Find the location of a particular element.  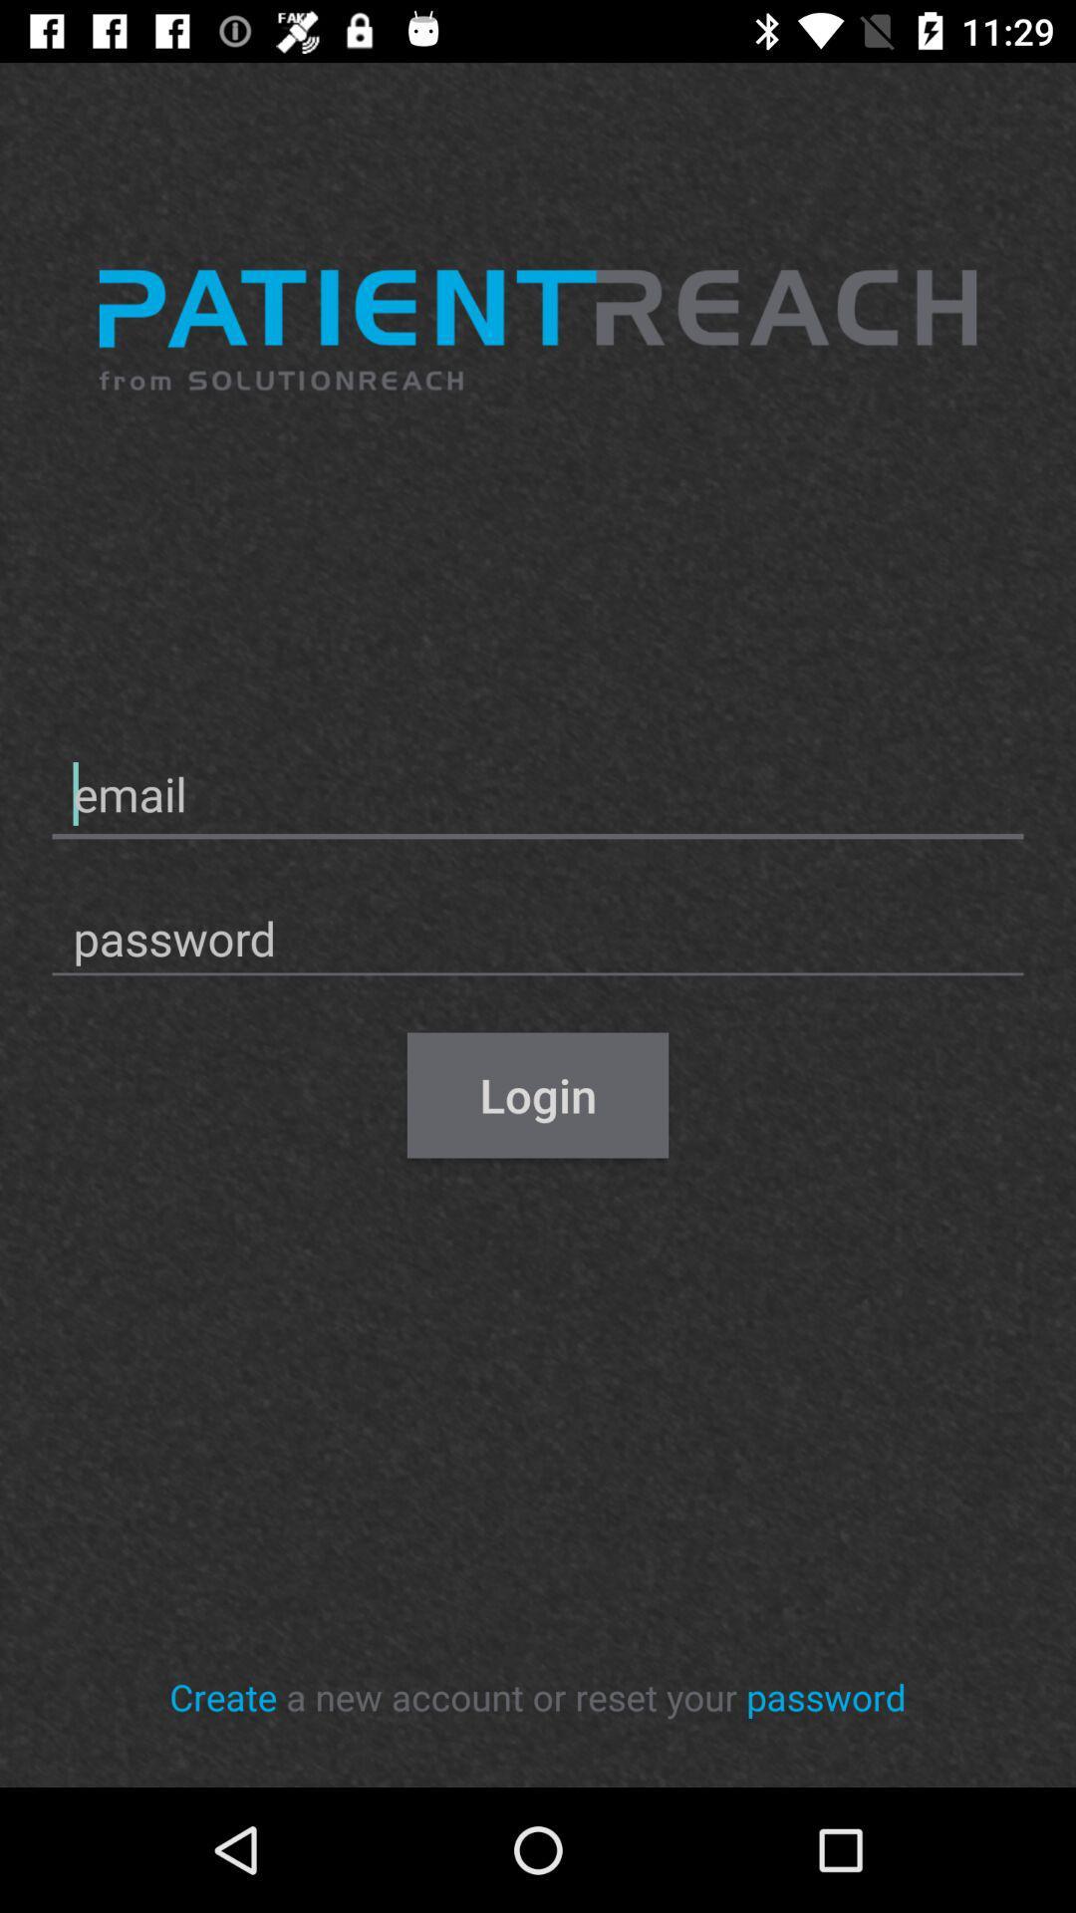

the login icon is located at coordinates (538, 1094).